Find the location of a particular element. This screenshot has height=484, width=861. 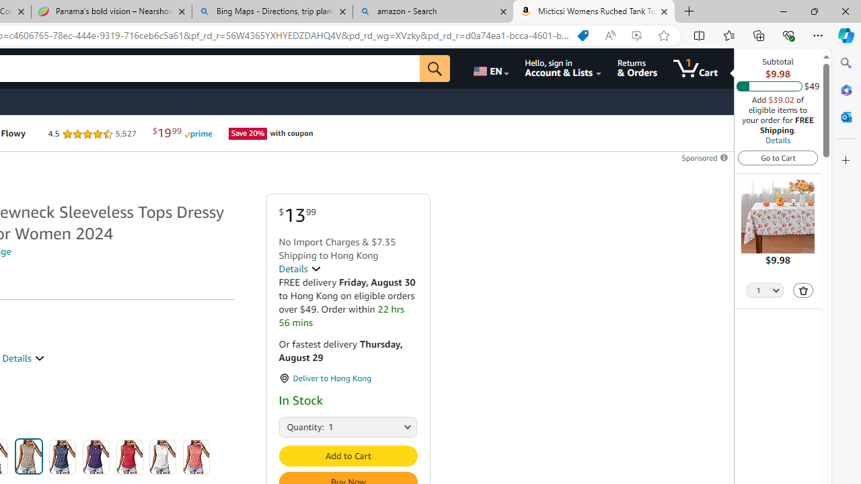

'Hello, sign in Account & Lists' is located at coordinates (563, 68).